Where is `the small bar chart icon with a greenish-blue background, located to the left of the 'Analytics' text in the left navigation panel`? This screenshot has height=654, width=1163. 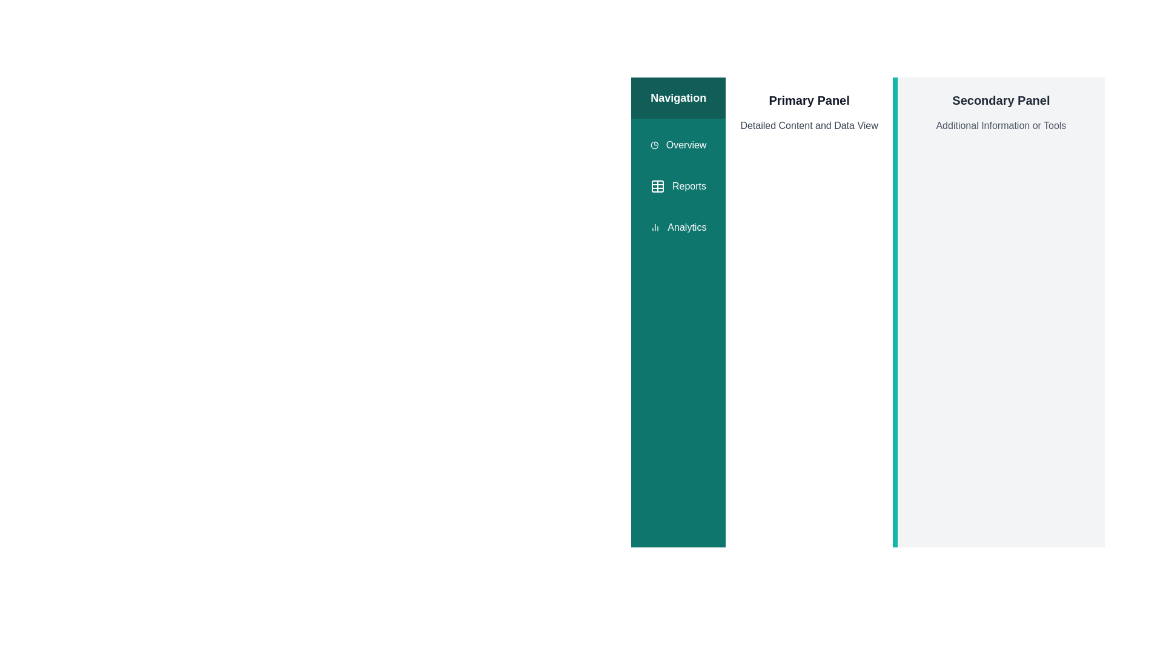 the small bar chart icon with a greenish-blue background, located to the left of the 'Analytics' text in the left navigation panel is located at coordinates (655, 227).